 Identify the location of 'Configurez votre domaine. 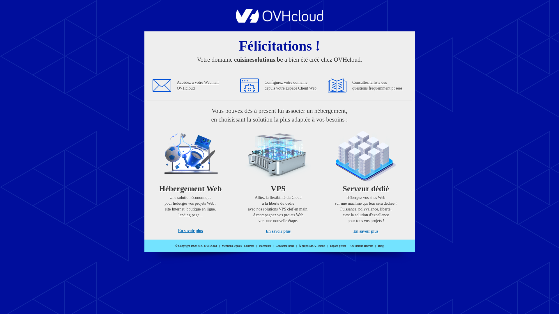
(291, 85).